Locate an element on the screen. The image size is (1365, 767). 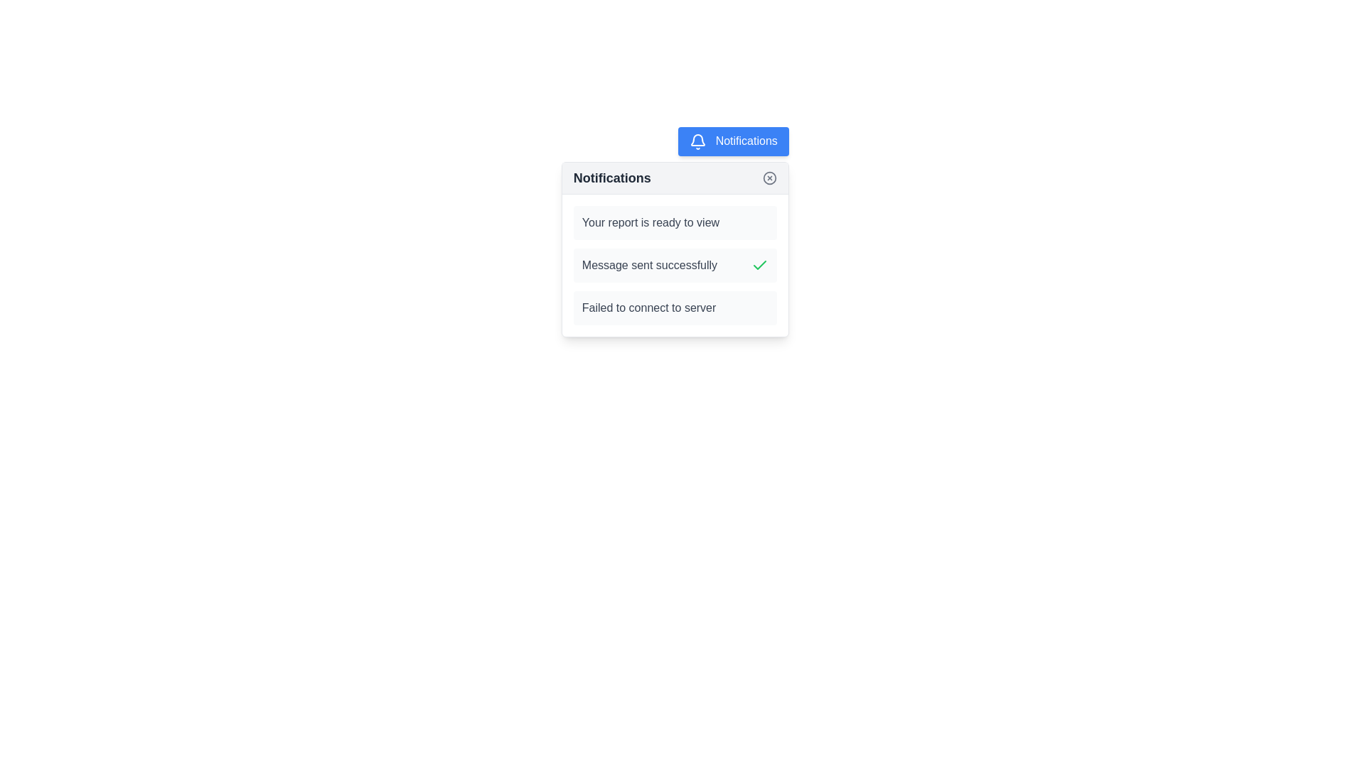
message displayed in the Status notification card that says 'Message sent successfully', which is styled with a green checkmark icon and is the second item in the notification dropdown is located at coordinates (674, 265).